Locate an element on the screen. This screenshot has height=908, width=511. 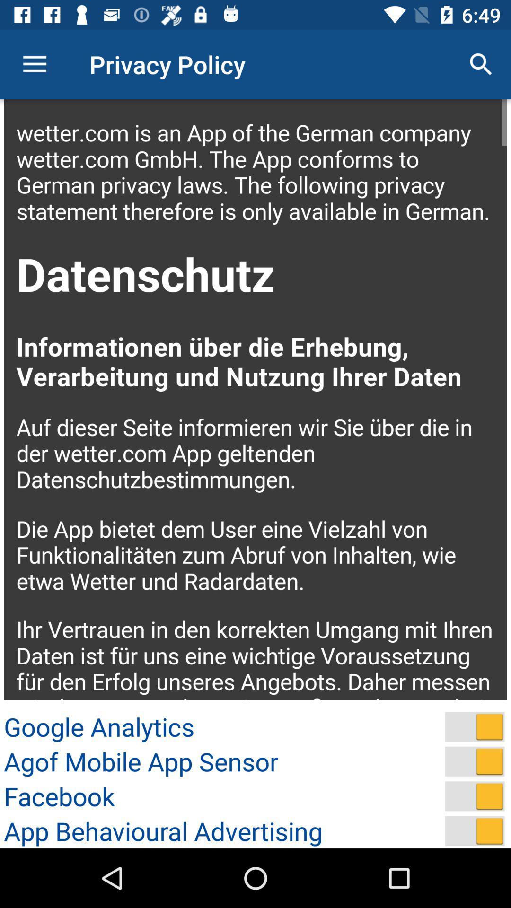
the switch button next to google analytics is located at coordinates (475, 726).